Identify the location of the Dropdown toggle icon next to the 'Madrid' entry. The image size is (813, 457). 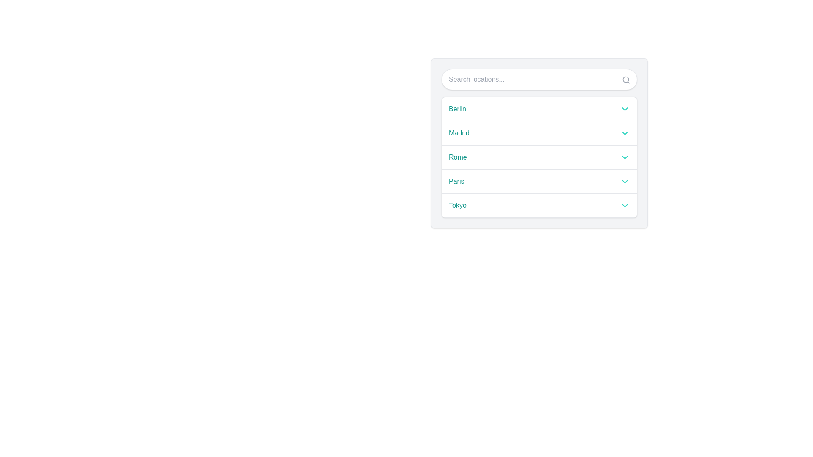
(625, 133).